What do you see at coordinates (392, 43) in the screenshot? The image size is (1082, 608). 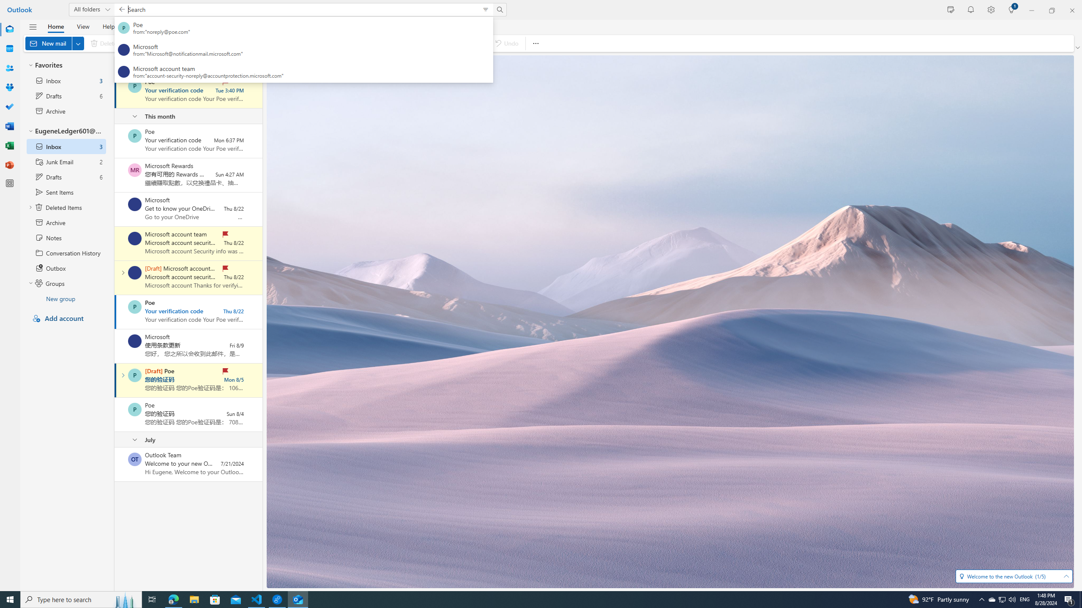 I see `'Flag / Unflag'` at bounding box center [392, 43].